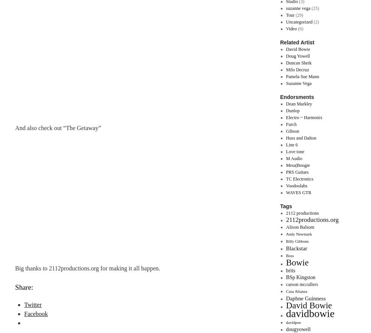  Describe the element at coordinates (36, 313) in the screenshot. I see `'Facebook'` at that location.